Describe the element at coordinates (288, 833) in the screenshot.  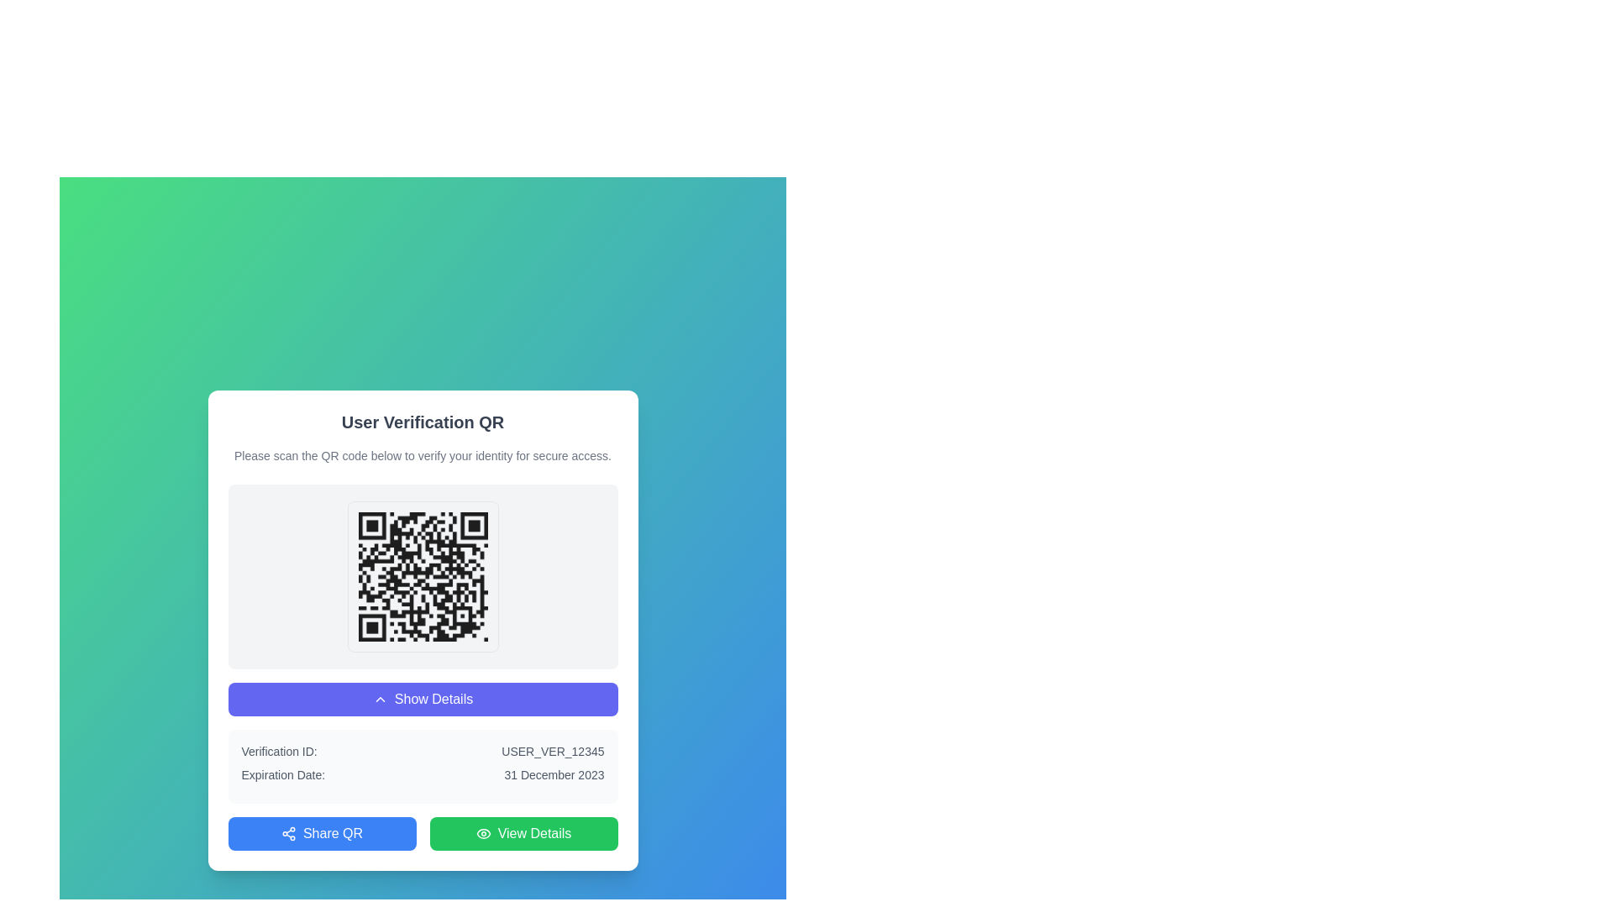
I see `the share icon located on the blue button labeled 'Share QR' at the bottom-left corner of the card, positioned to the left of the text 'Share QR'` at that location.